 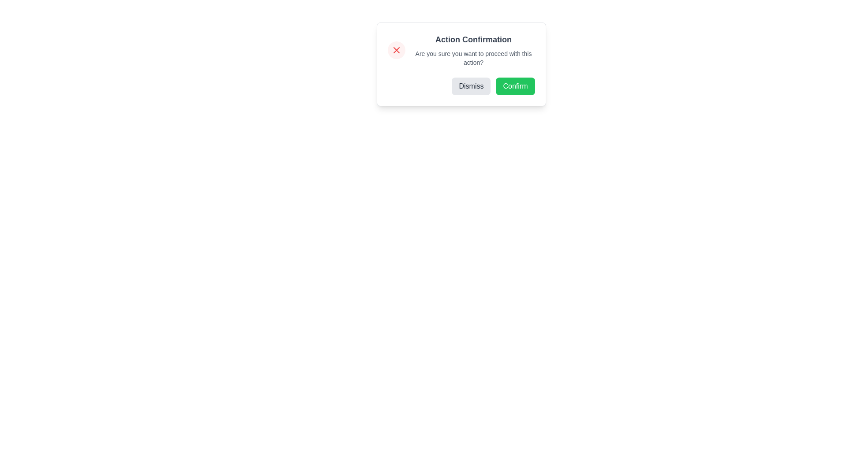 What do you see at coordinates (396, 50) in the screenshot?
I see `the red cross-shaped icon located at the top-left corner of the 'Action Confirmation' dialog box, which signifies a critical action or warning` at bounding box center [396, 50].